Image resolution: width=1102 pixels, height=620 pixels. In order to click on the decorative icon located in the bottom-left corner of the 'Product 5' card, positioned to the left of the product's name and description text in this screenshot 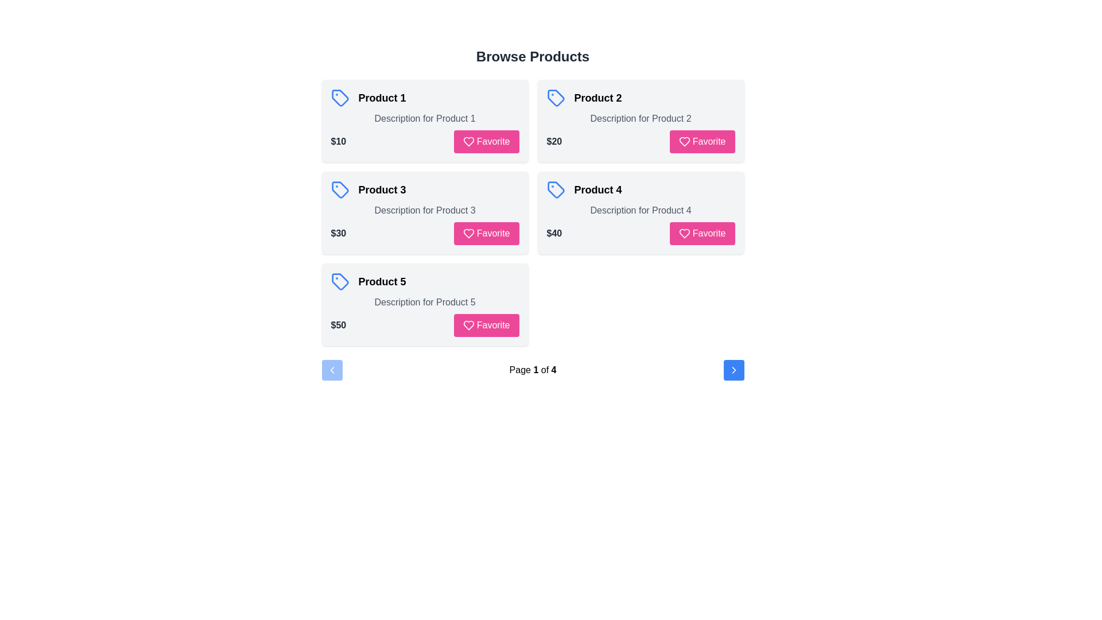, I will do `click(339, 281)`.